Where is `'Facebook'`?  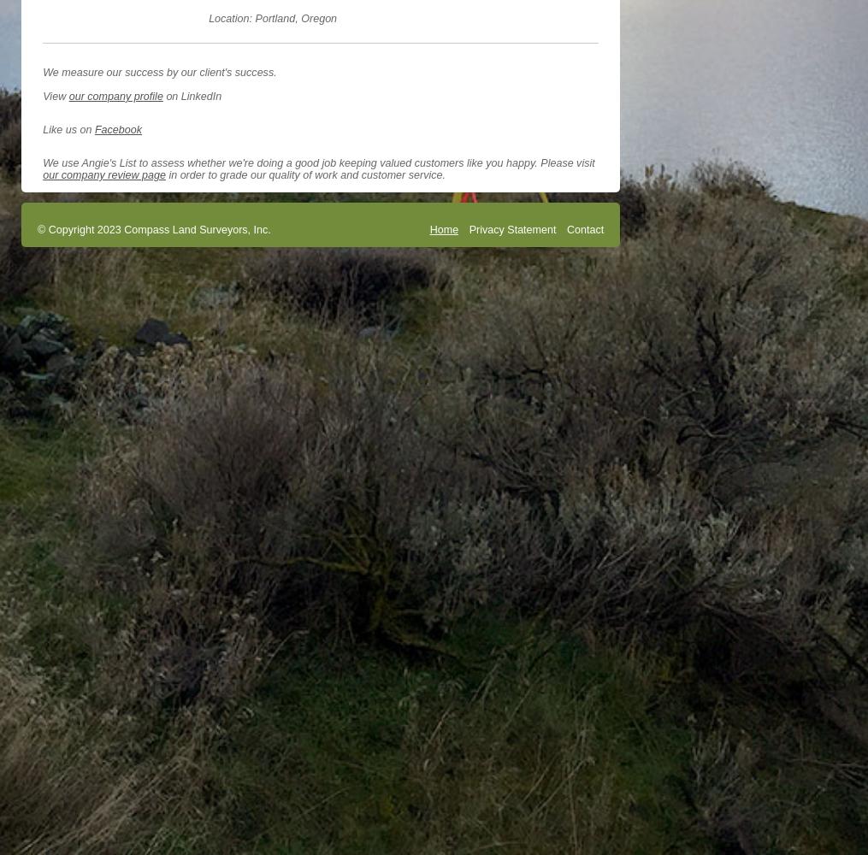 'Facebook' is located at coordinates (94, 129).